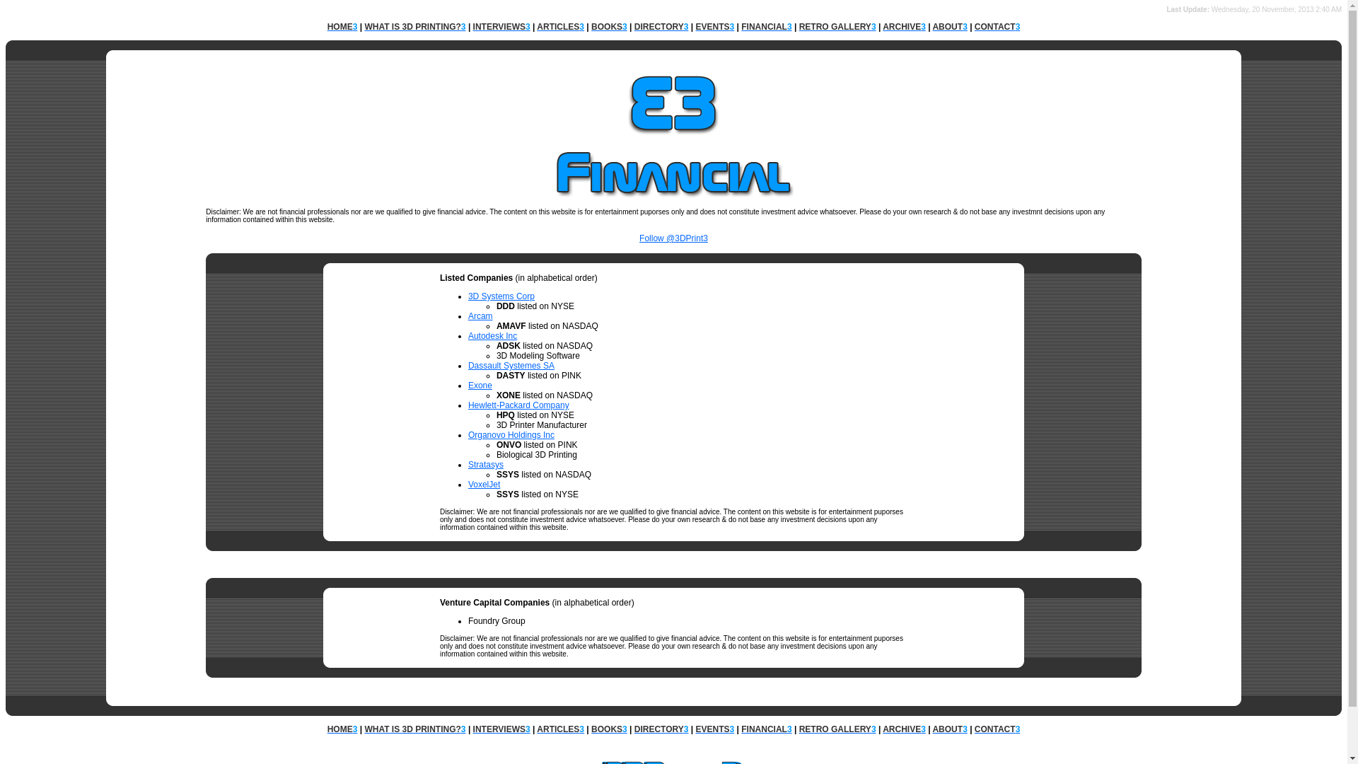  Describe the element at coordinates (799, 729) in the screenshot. I see `'RETRO GALLERY3'` at that location.